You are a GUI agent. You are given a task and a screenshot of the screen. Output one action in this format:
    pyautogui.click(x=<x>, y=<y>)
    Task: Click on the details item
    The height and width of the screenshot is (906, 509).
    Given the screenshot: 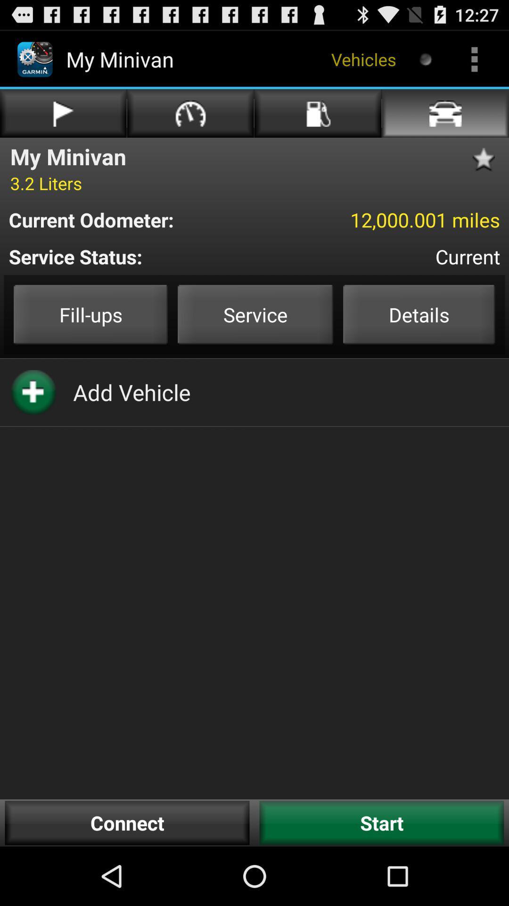 What is the action you would take?
    pyautogui.click(x=419, y=314)
    